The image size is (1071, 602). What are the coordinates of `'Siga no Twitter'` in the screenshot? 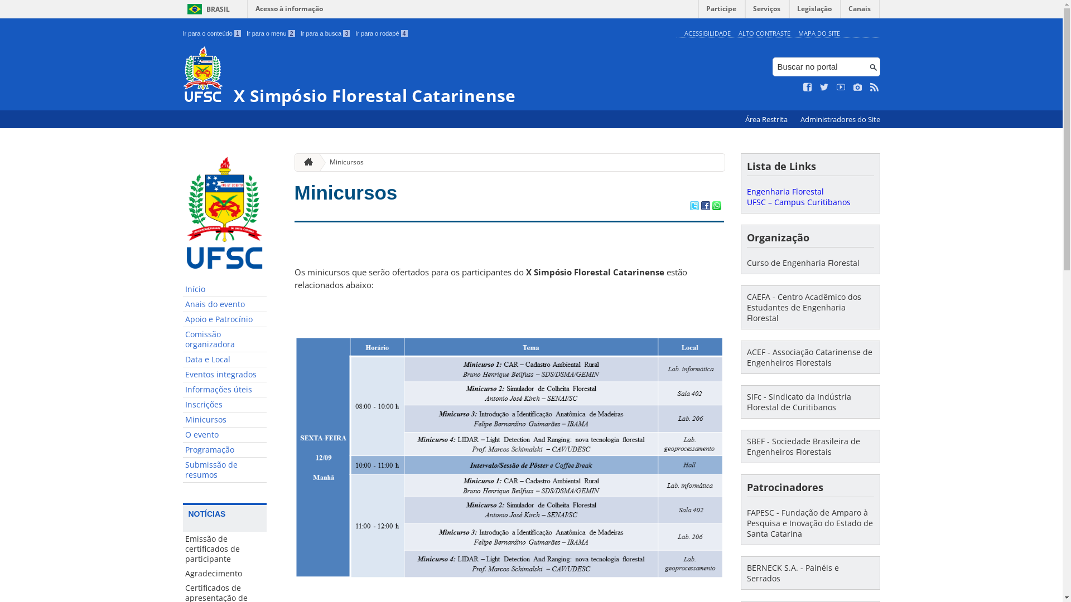 It's located at (824, 87).